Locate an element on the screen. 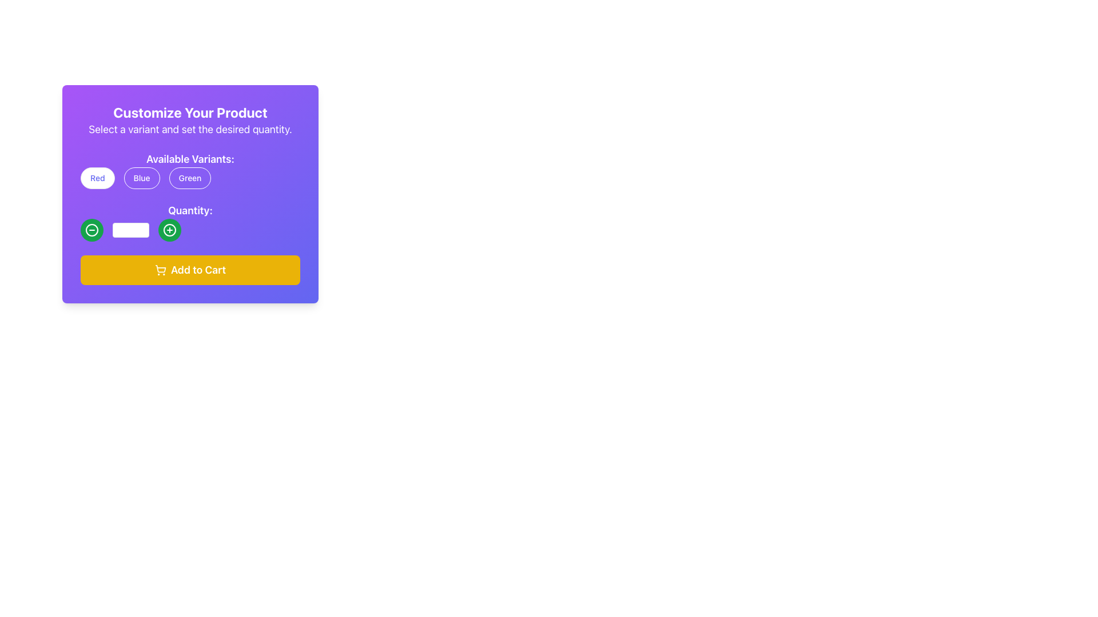 The image size is (1098, 617). header text that introduces the product customization section, which is located at the top of the card interface is located at coordinates (190, 112).